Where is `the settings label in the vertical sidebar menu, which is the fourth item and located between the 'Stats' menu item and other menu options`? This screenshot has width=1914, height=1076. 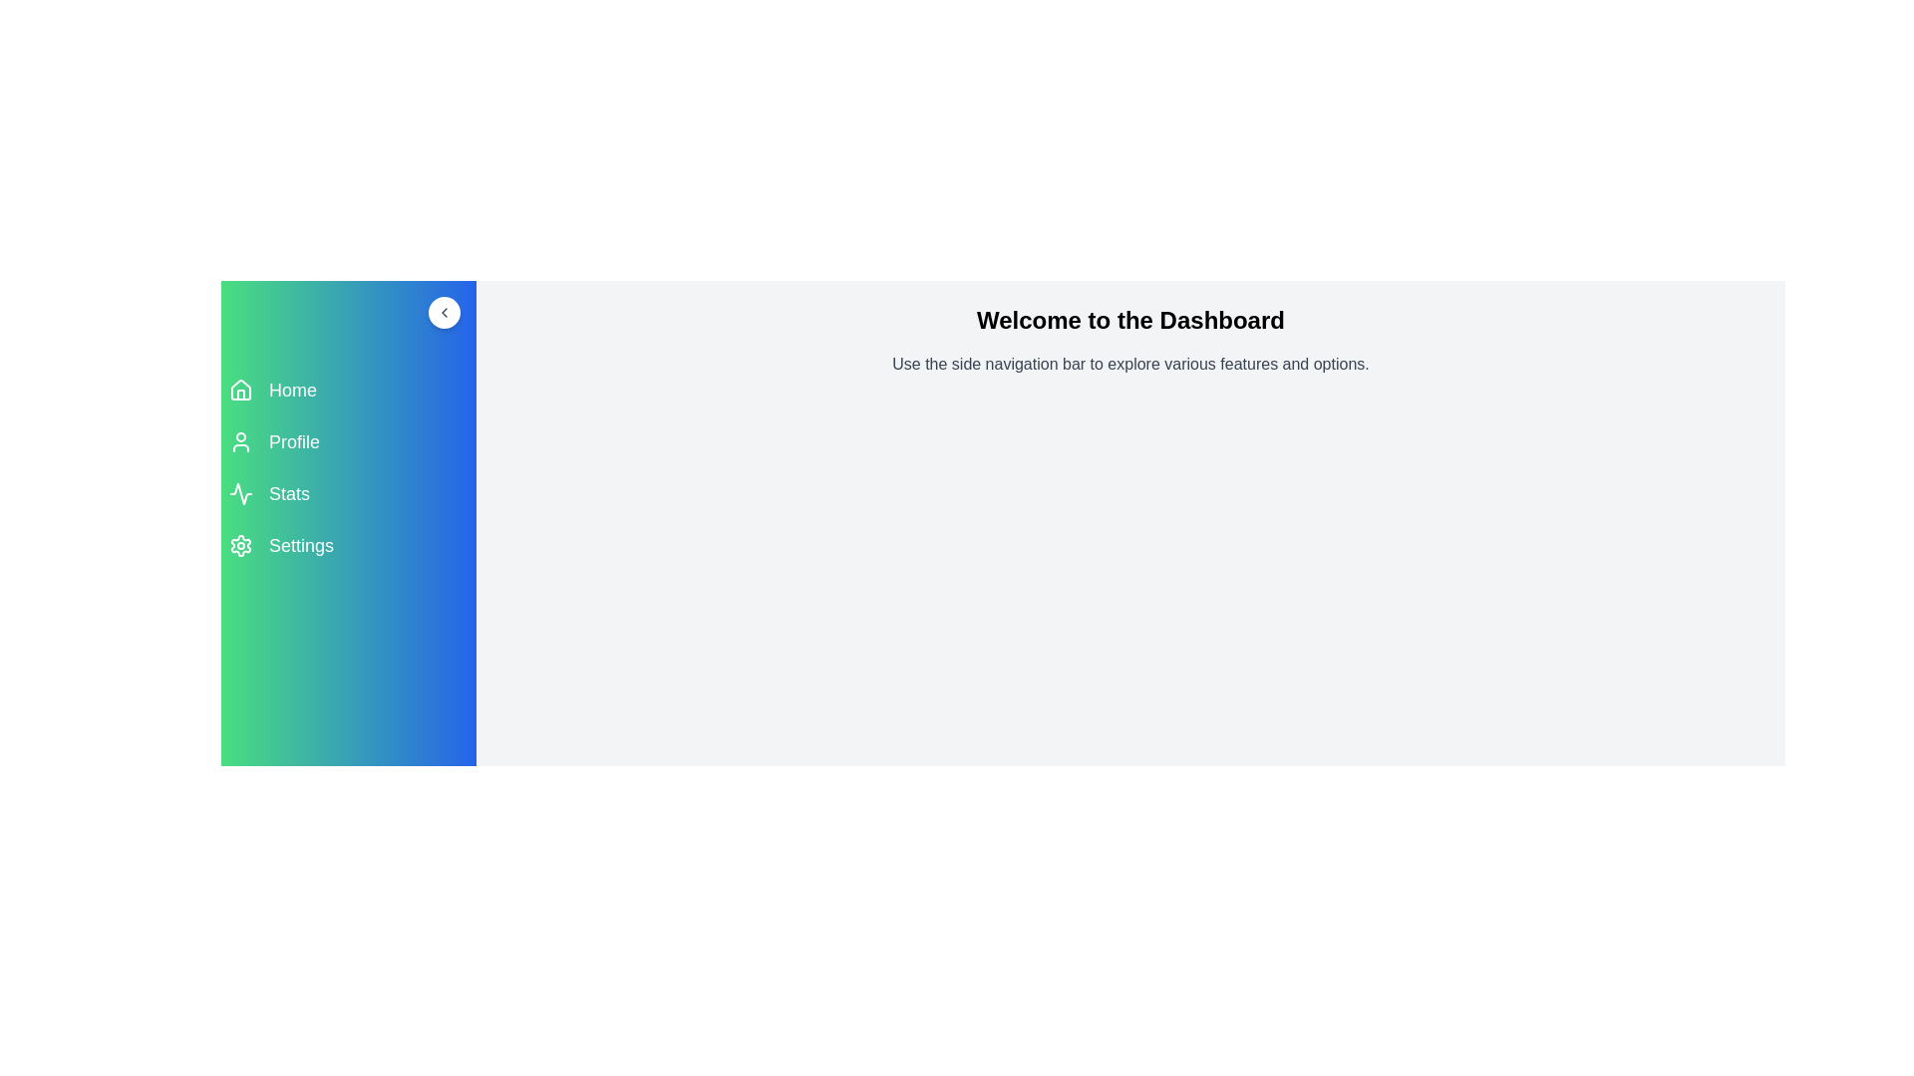
the settings label in the vertical sidebar menu, which is the fourth item and located between the 'Stats' menu item and other menu options is located at coordinates (300, 545).